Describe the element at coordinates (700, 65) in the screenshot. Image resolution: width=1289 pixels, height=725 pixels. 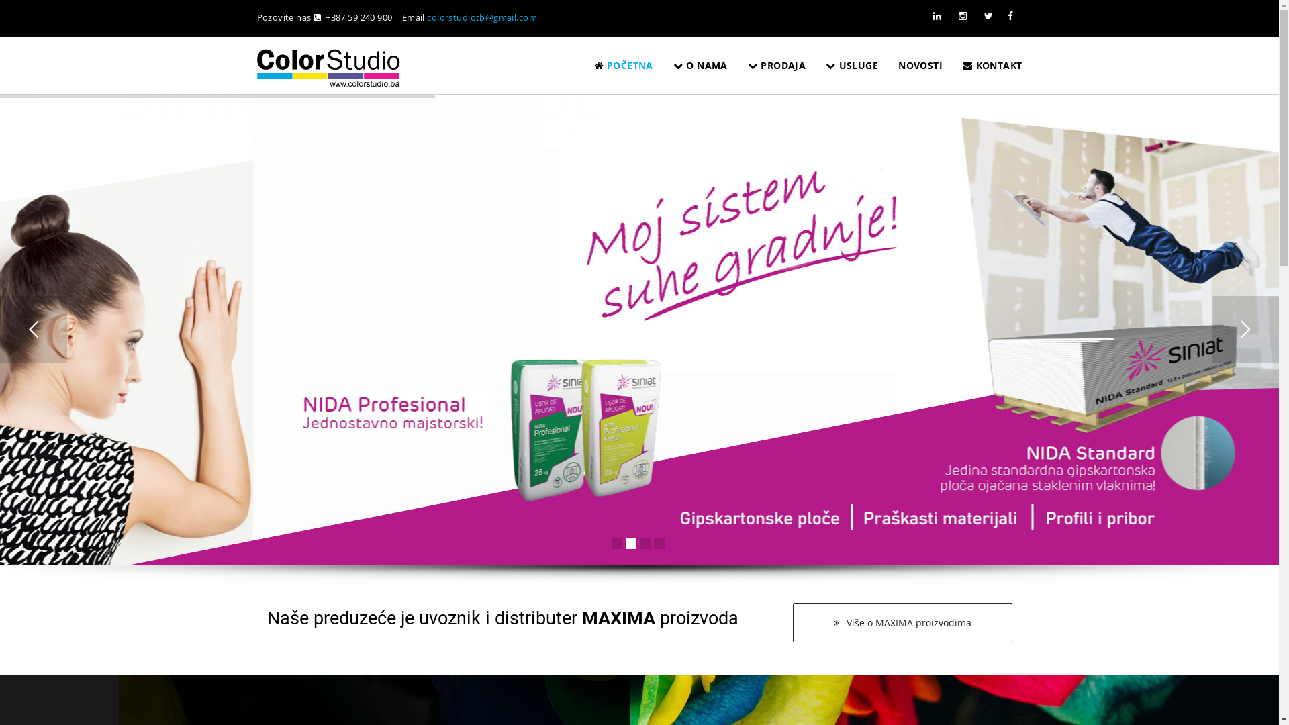
I see `'O NAMA'` at that location.